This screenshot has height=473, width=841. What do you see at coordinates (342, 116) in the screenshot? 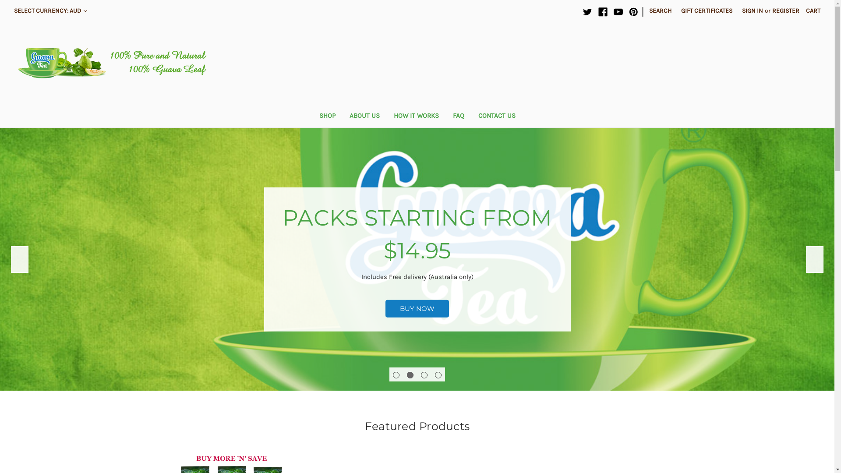
I see `'ABOUT US'` at bounding box center [342, 116].